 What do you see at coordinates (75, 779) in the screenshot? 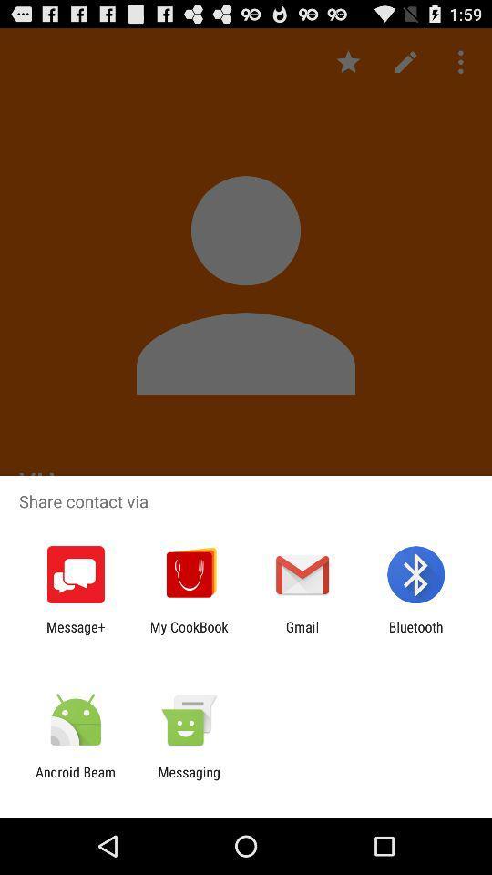
I see `icon to the left of messaging icon` at bounding box center [75, 779].